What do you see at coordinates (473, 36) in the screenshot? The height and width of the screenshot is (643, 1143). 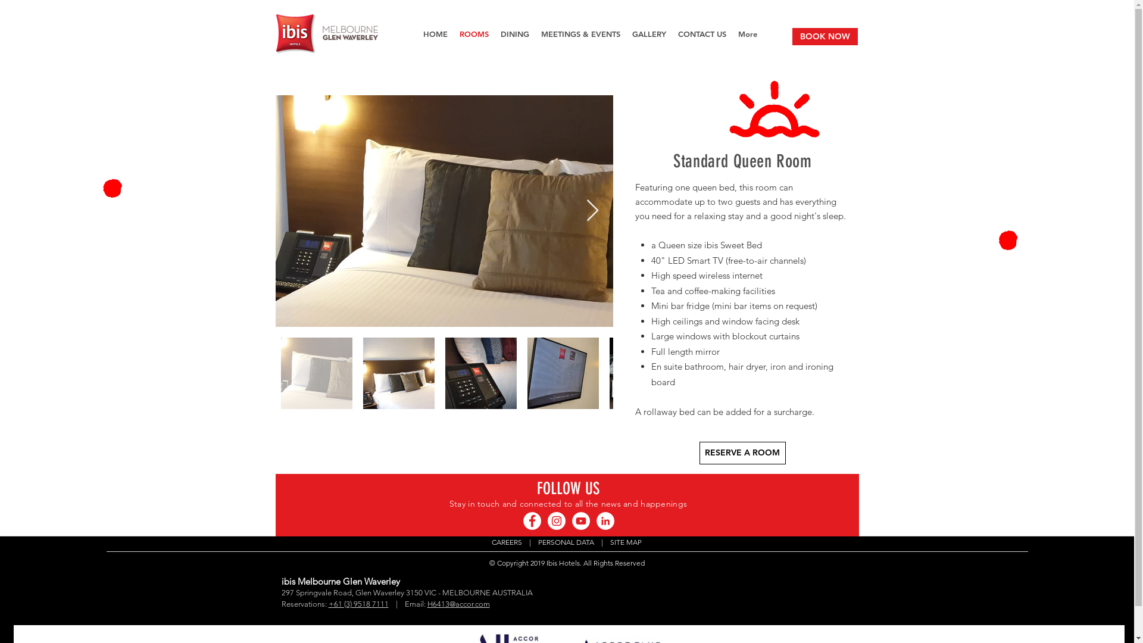 I see `'ROOMS'` at bounding box center [473, 36].